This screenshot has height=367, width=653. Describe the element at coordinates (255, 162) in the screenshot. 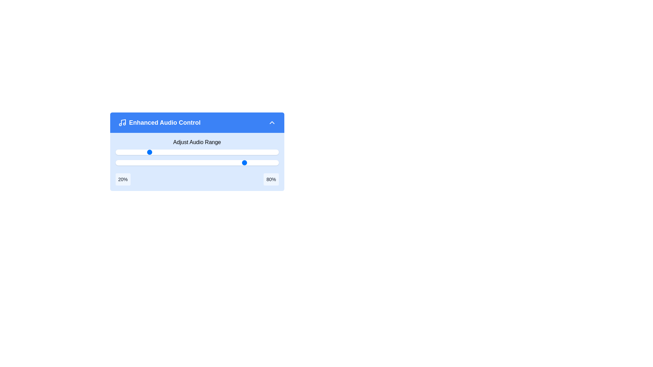

I see `the slider` at that location.